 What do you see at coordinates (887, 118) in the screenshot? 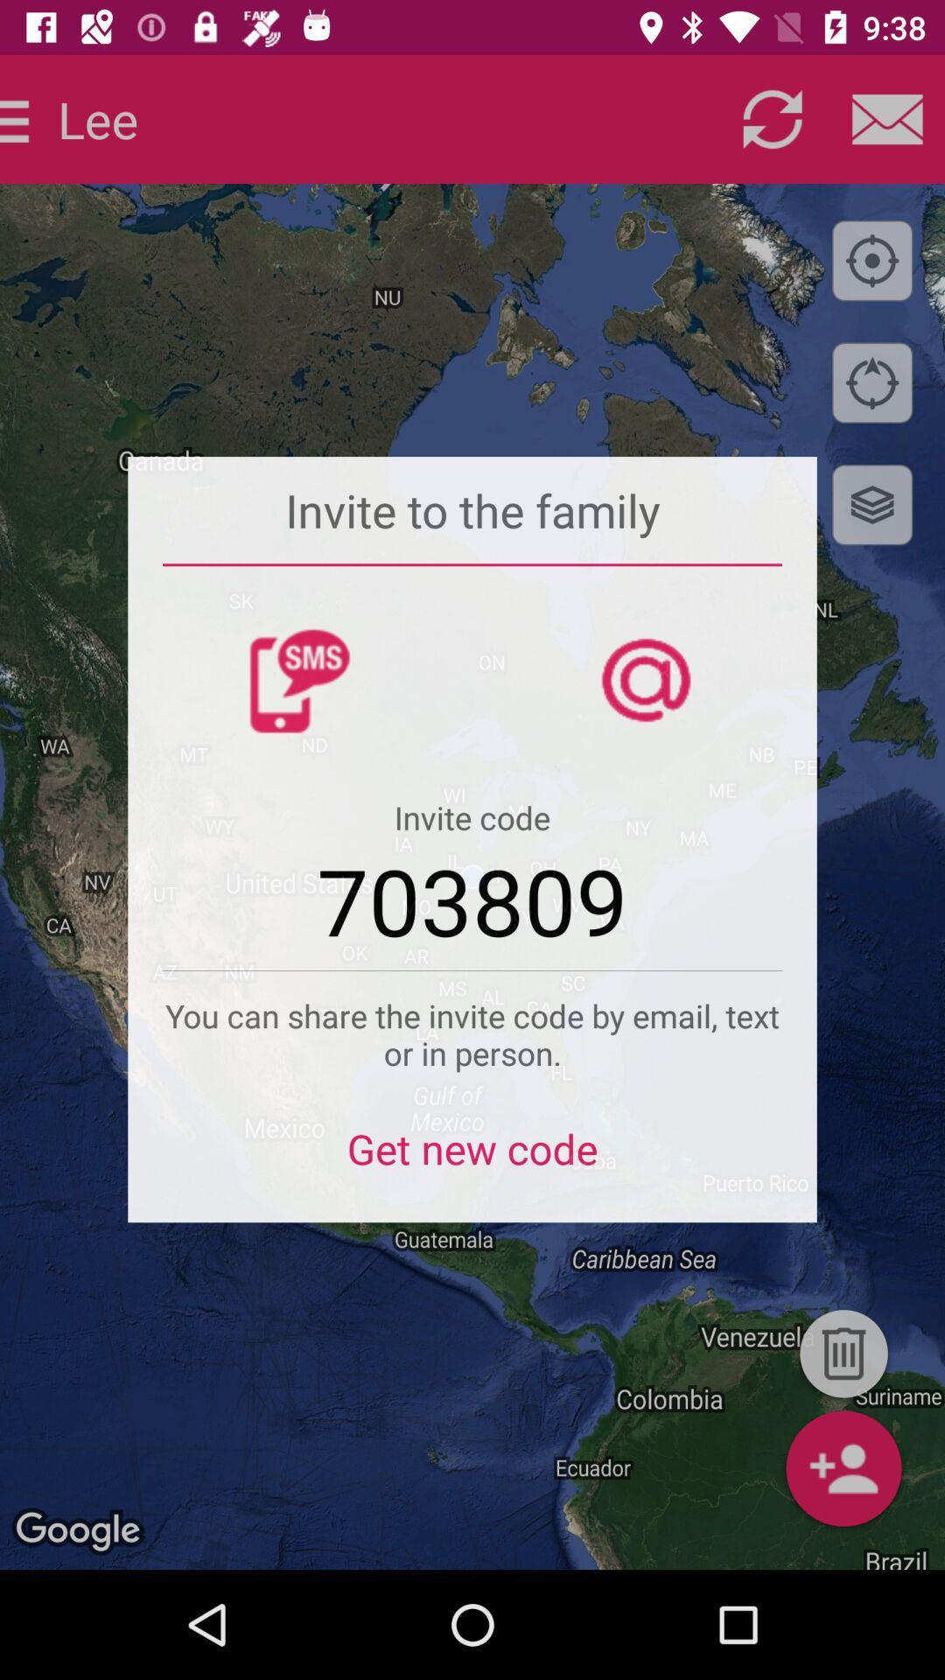
I see `share by email` at bounding box center [887, 118].